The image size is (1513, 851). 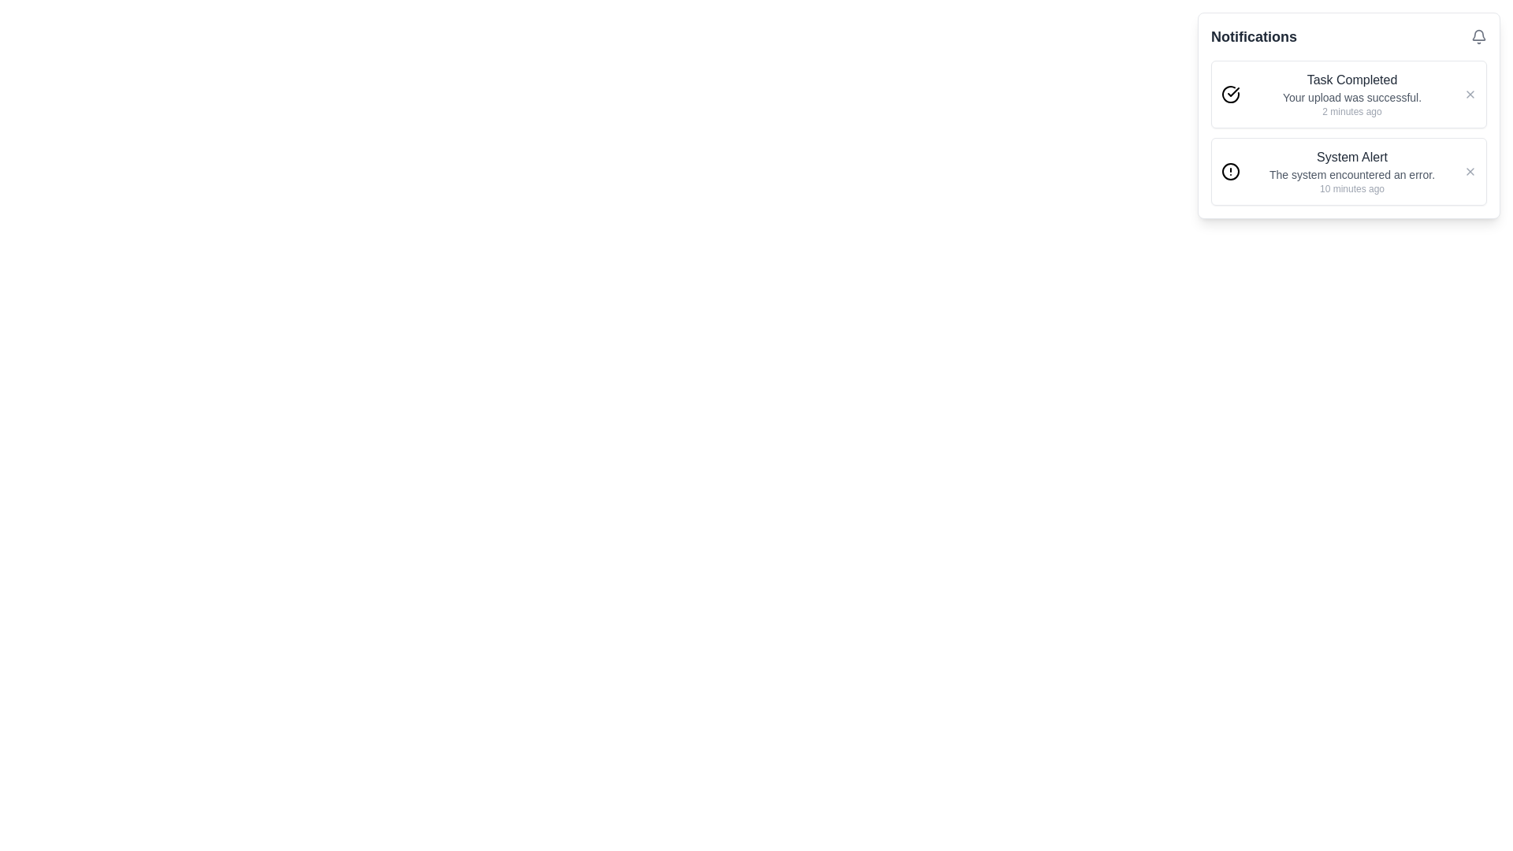 What do you see at coordinates (1351, 111) in the screenshot?
I see `the text label indicating 'Your upload was successful.' located beneath the corresponding notification in the panel` at bounding box center [1351, 111].